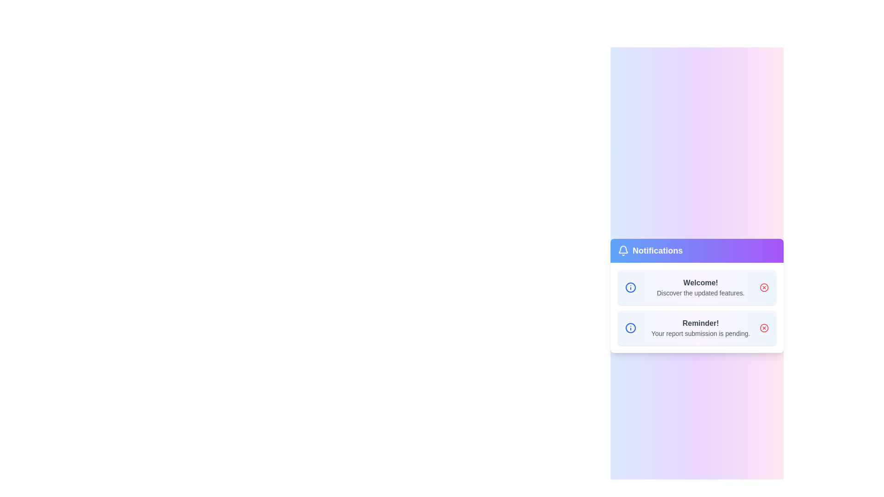  Describe the element at coordinates (697, 287) in the screenshot. I see `the title of the first notification entry located directly below the 'Notifications' header` at that location.